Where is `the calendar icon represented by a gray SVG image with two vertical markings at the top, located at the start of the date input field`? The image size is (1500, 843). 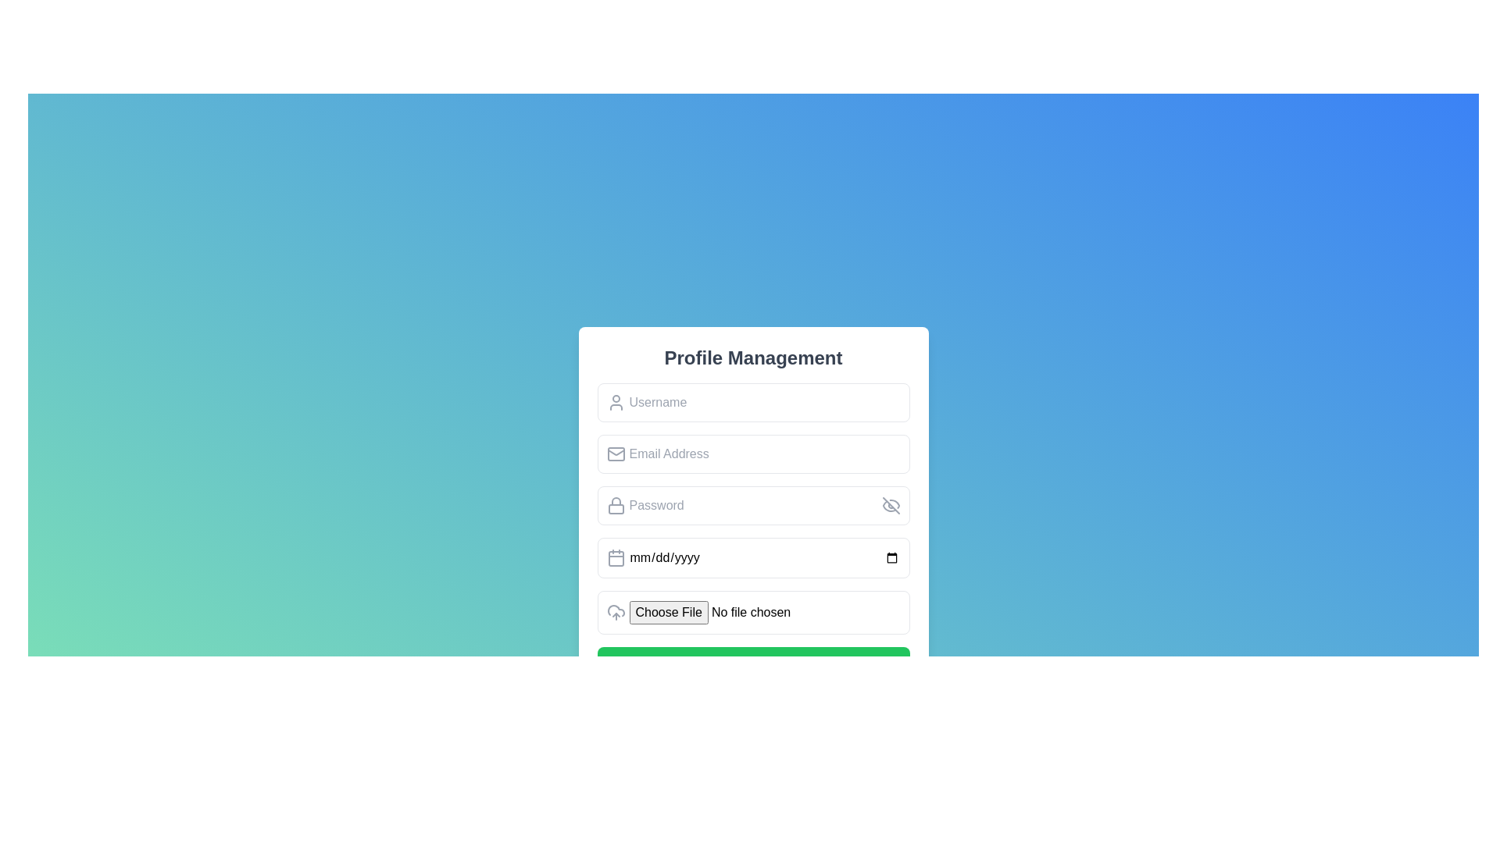
the calendar icon represented by a gray SVG image with two vertical markings at the top, located at the start of the date input field is located at coordinates (615, 557).